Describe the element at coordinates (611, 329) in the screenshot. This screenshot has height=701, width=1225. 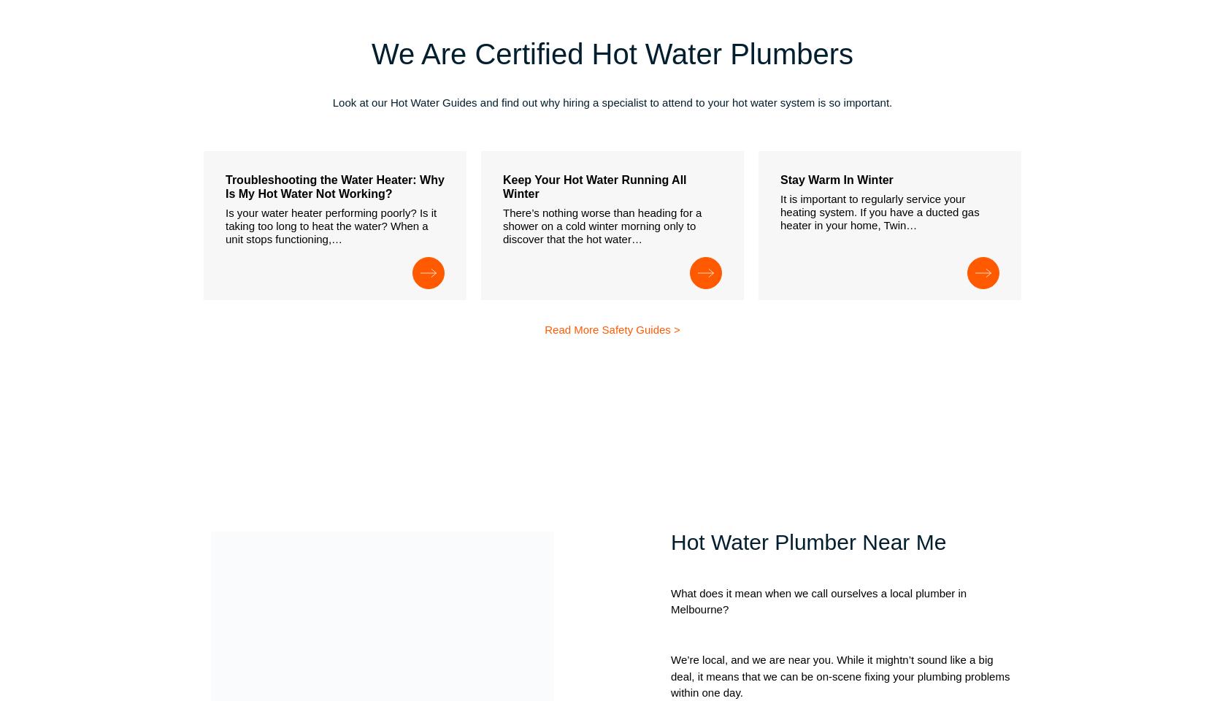
I see `'Read More Safety Guides >'` at that location.